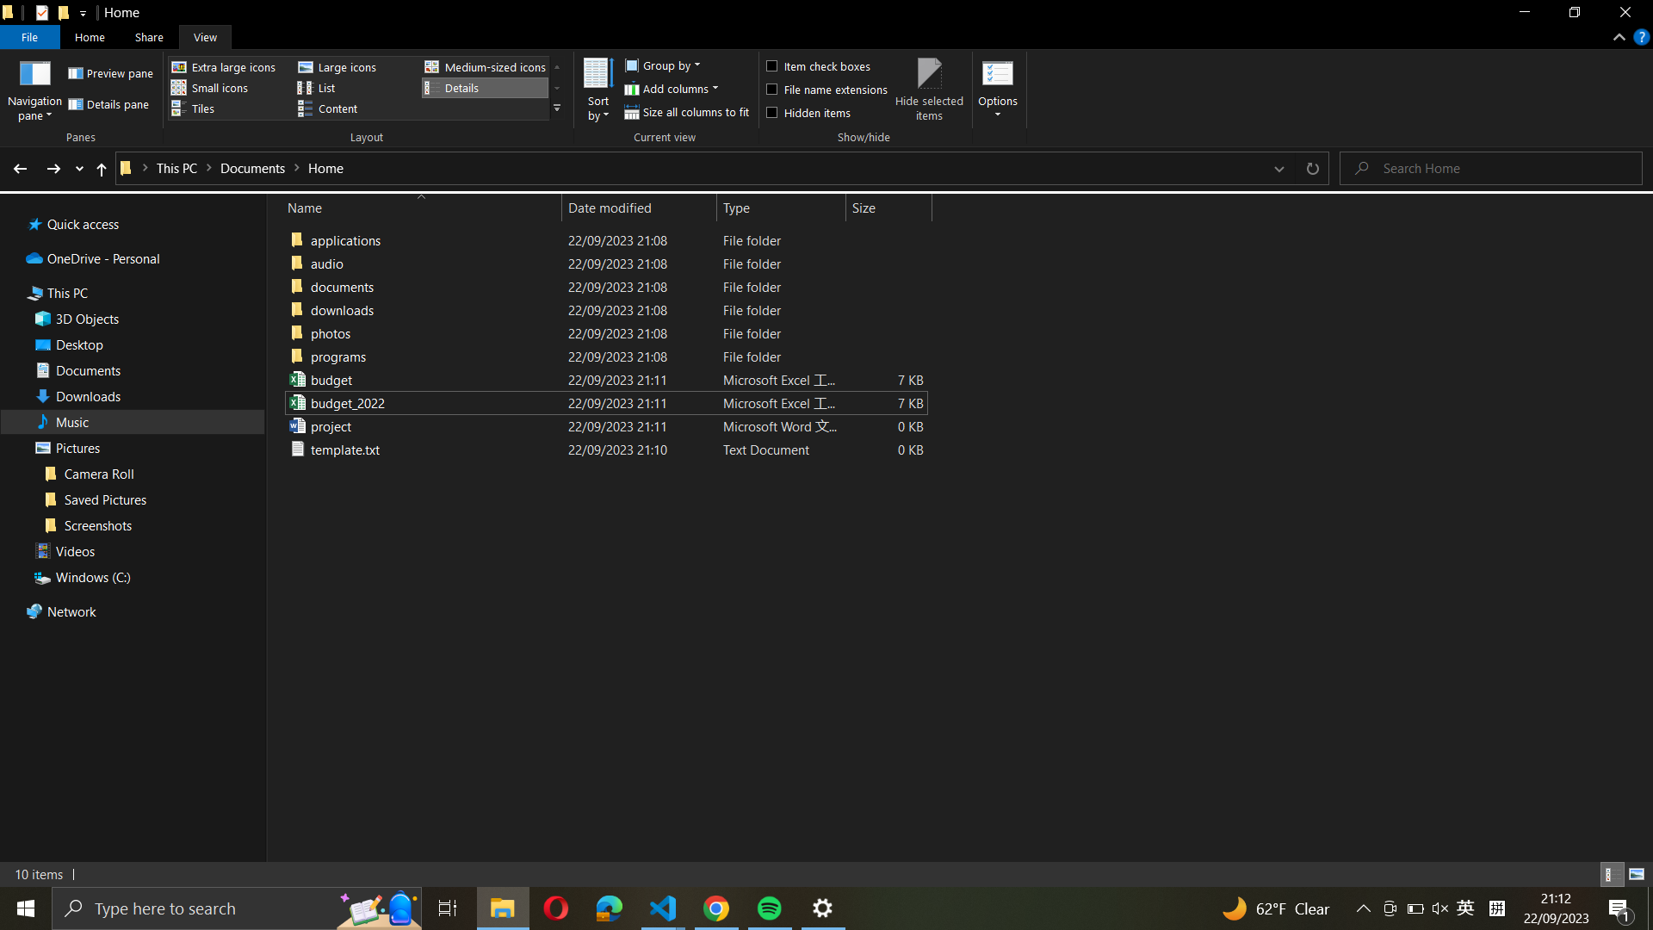  I want to click on Duplicate the "template.txt" from its current location to the "downloads" folder of the same directory utilizing hotkeys, so click(603, 447).